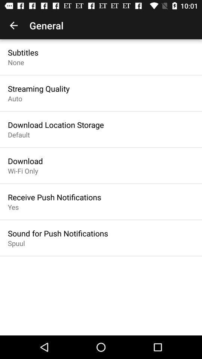 This screenshot has height=359, width=202. Describe the element at coordinates (13, 25) in the screenshot. I see `the icon to the left of the general` at that location.